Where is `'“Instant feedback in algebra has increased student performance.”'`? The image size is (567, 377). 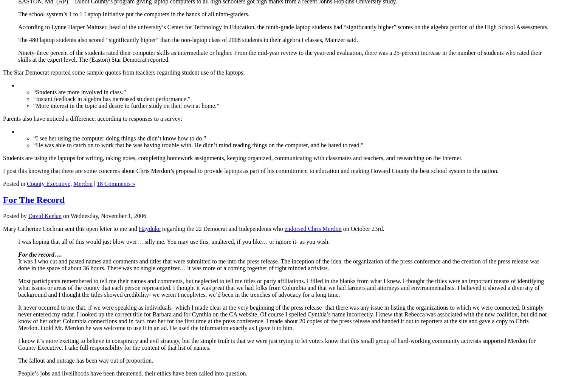
'“Instant feedback in algebra has increased student performance.”' is located at coordinates (112, 98).